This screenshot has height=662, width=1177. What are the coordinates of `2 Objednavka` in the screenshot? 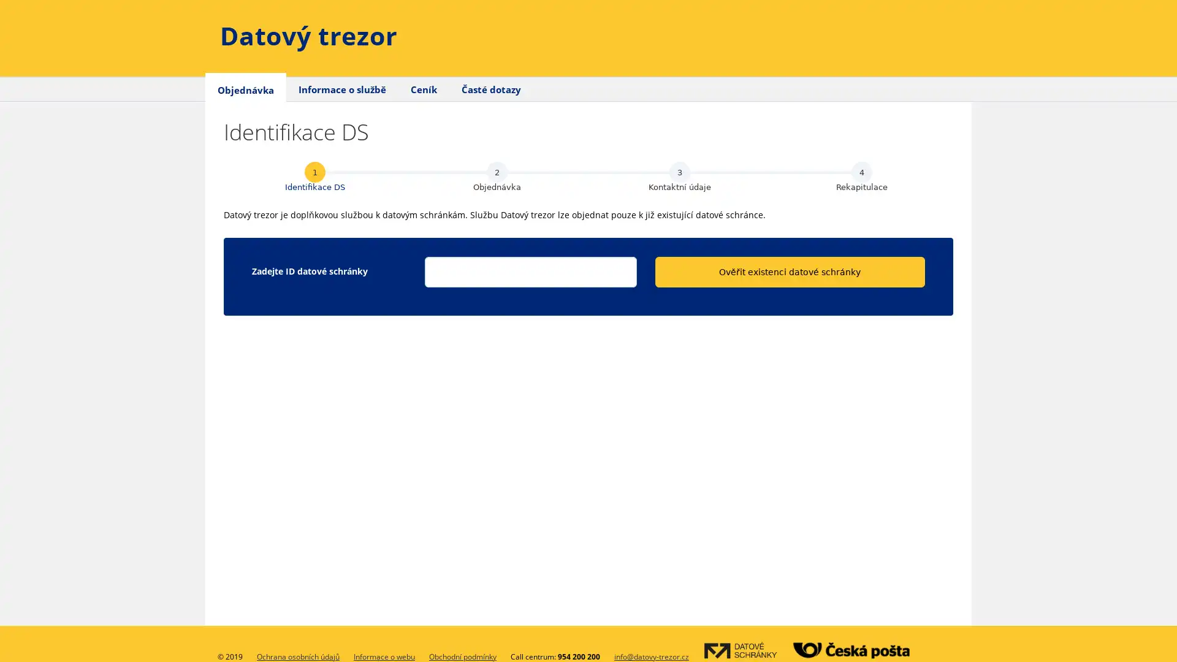 It's located at (497, 176).